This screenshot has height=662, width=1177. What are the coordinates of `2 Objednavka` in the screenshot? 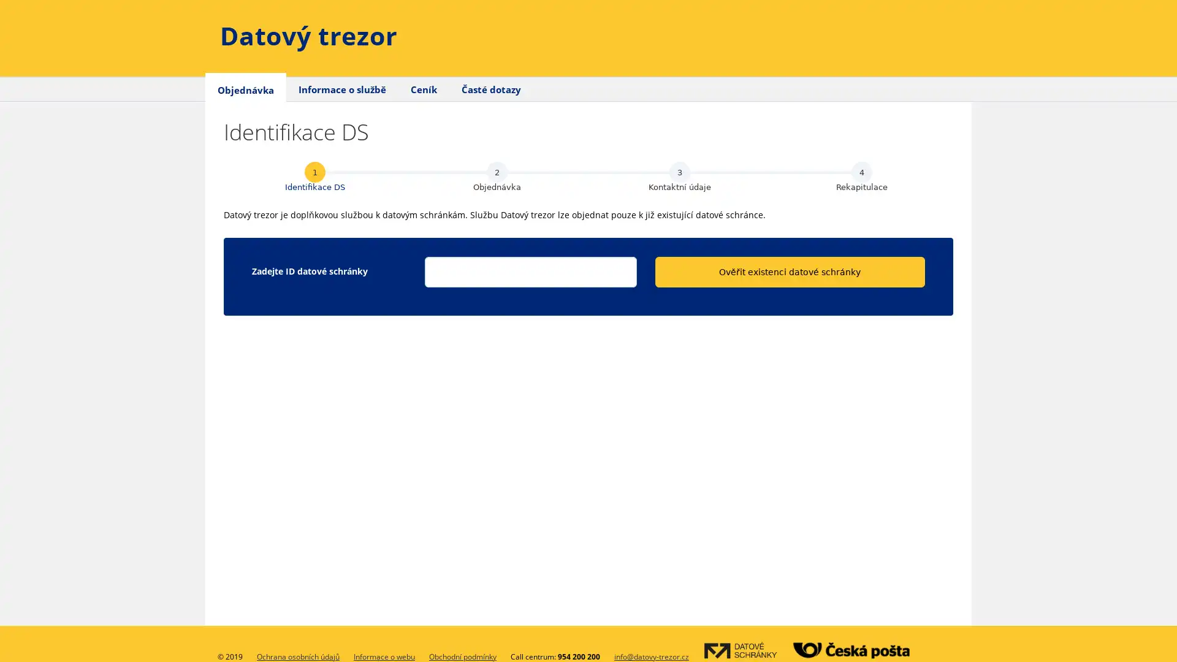 It's located at (497, 176).